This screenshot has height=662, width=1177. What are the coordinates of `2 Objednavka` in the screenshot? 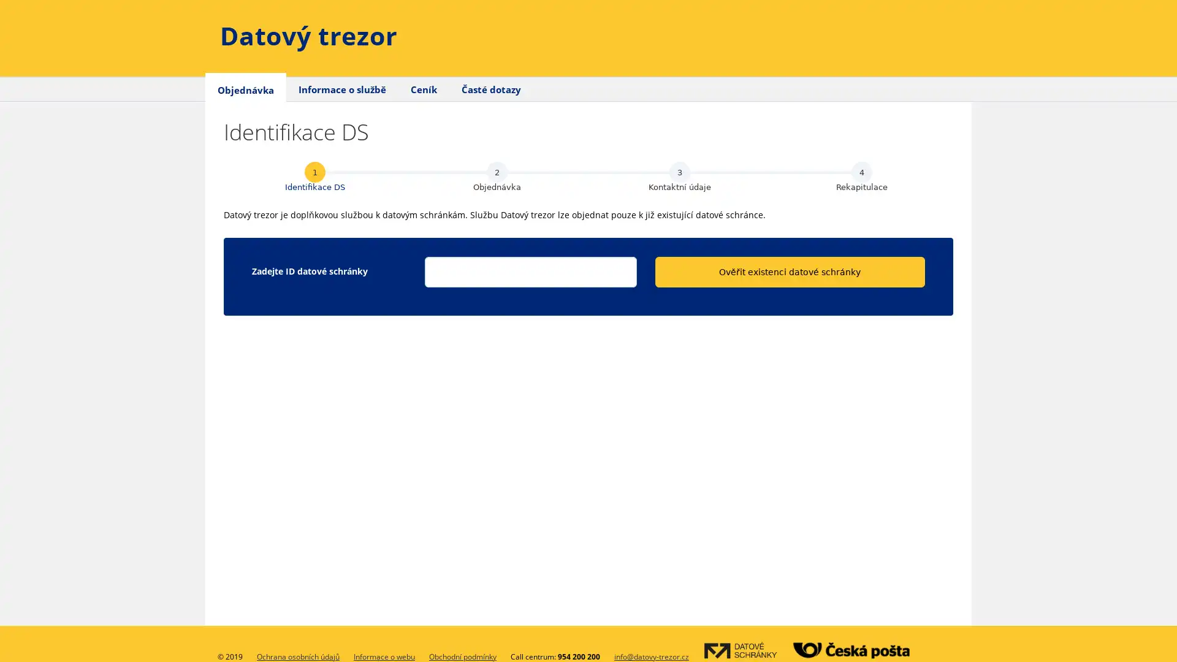 It's located at (497, 176).